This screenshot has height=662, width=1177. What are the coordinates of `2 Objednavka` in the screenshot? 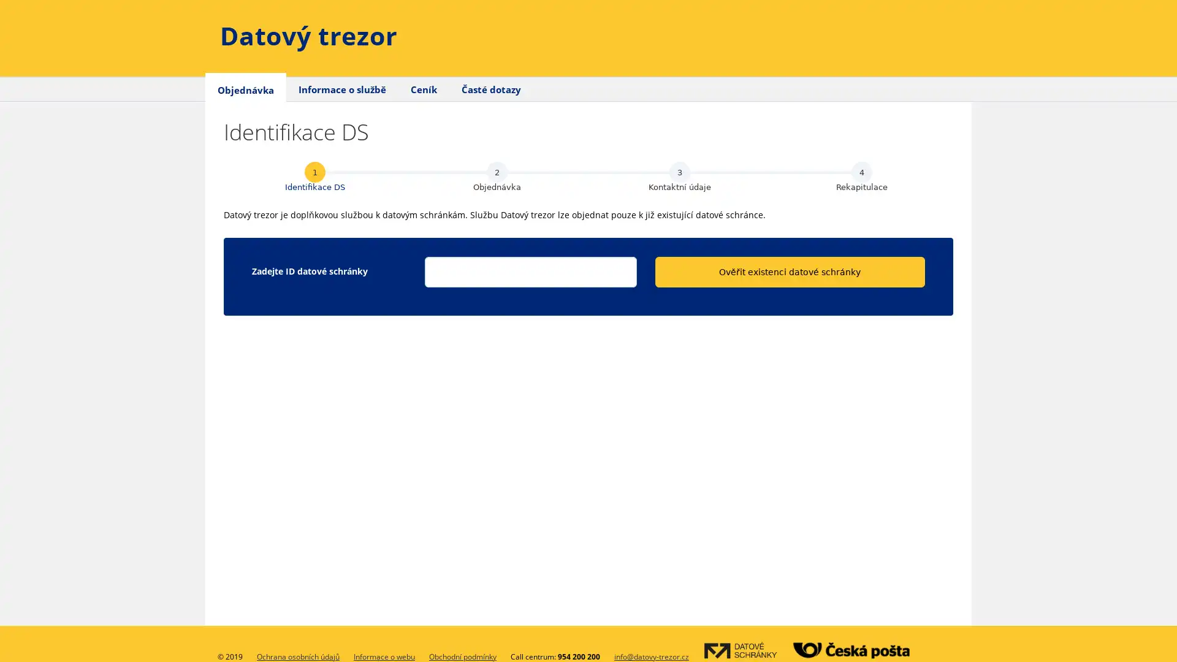 It's located at (497, 176).